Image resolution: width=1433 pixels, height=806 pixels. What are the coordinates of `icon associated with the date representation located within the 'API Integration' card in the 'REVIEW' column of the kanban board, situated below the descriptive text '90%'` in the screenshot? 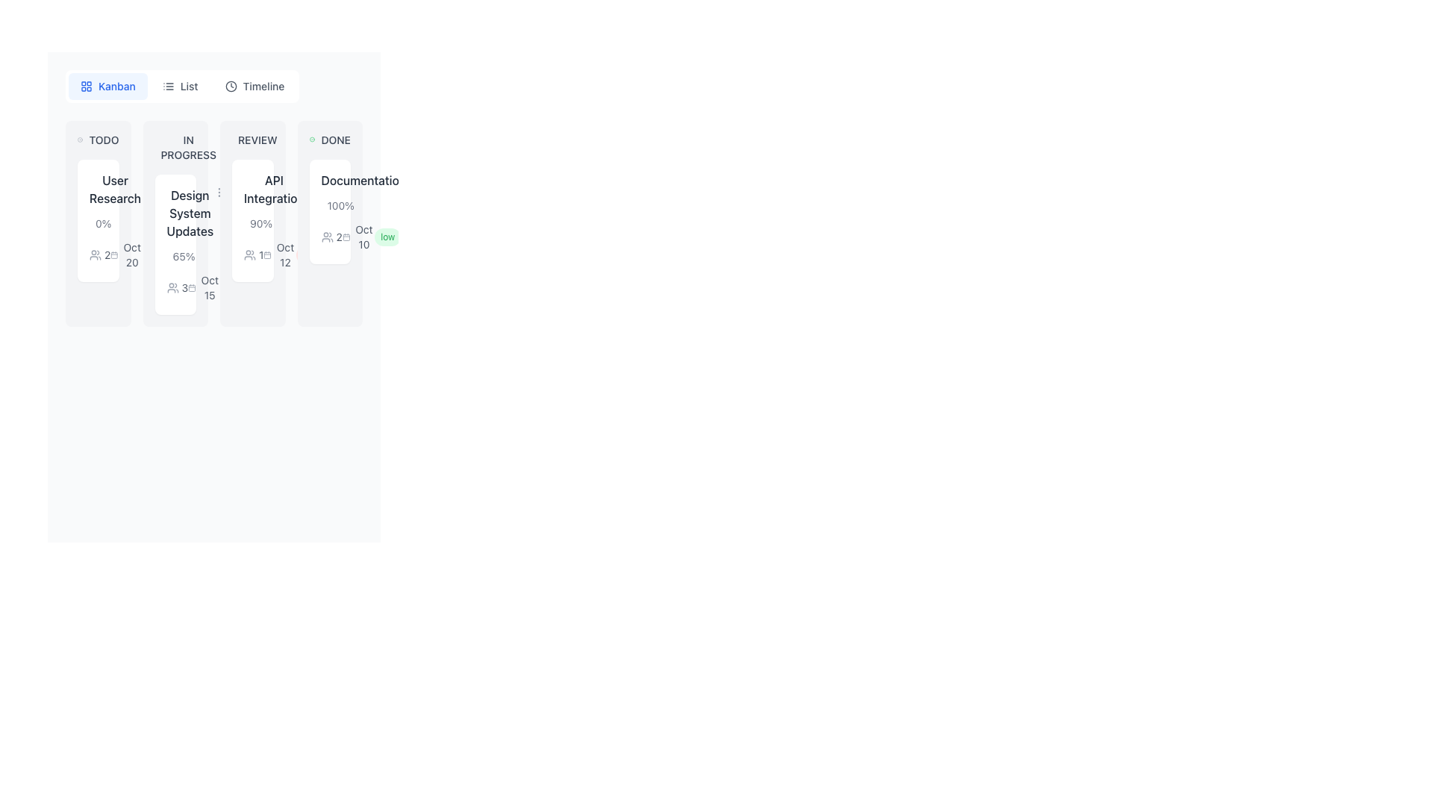 It's located at (279, 254).